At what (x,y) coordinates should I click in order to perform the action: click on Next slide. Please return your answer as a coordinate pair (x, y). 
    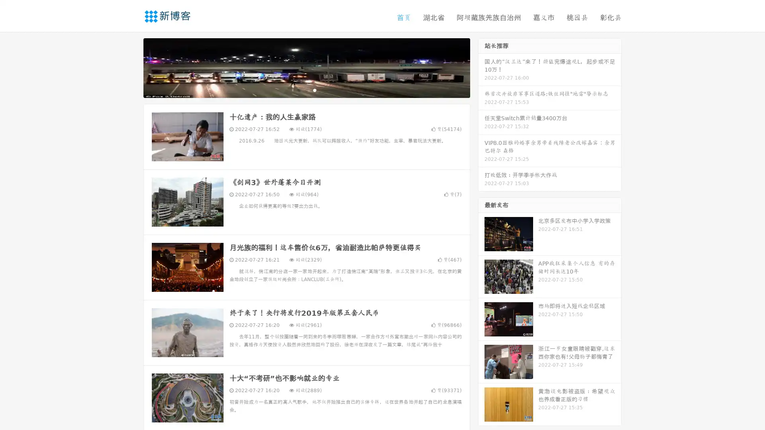
    Looking at the image, I should click on (481, 67).